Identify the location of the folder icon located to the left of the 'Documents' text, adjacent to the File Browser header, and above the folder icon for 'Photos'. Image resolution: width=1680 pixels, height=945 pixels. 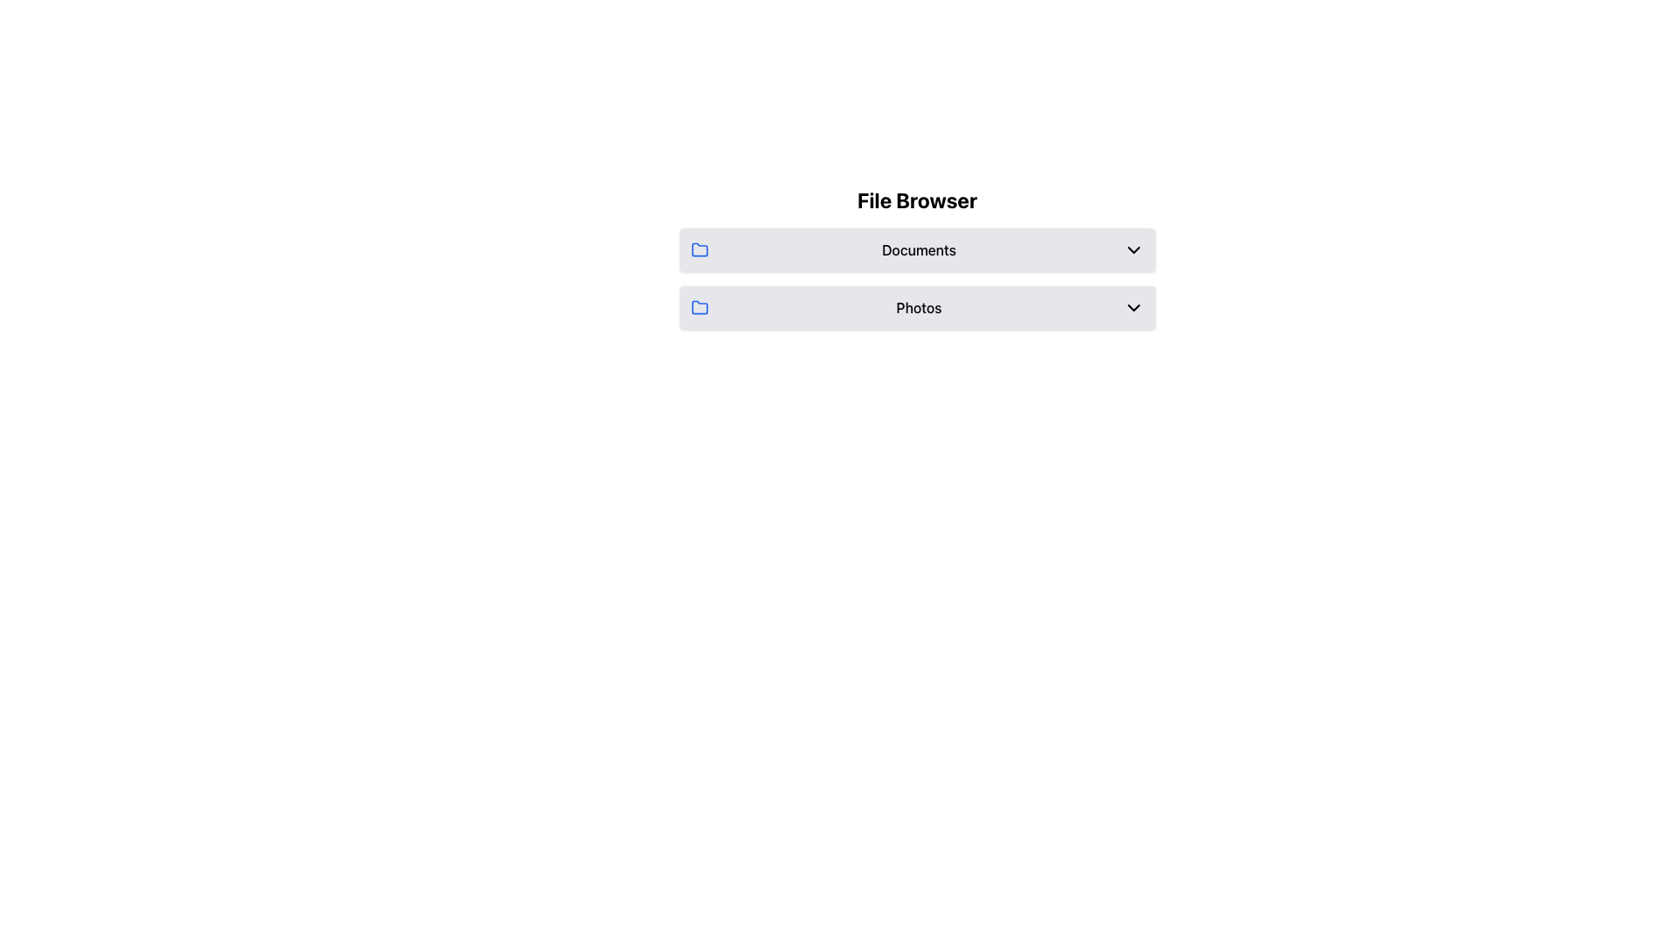
(698, 249).